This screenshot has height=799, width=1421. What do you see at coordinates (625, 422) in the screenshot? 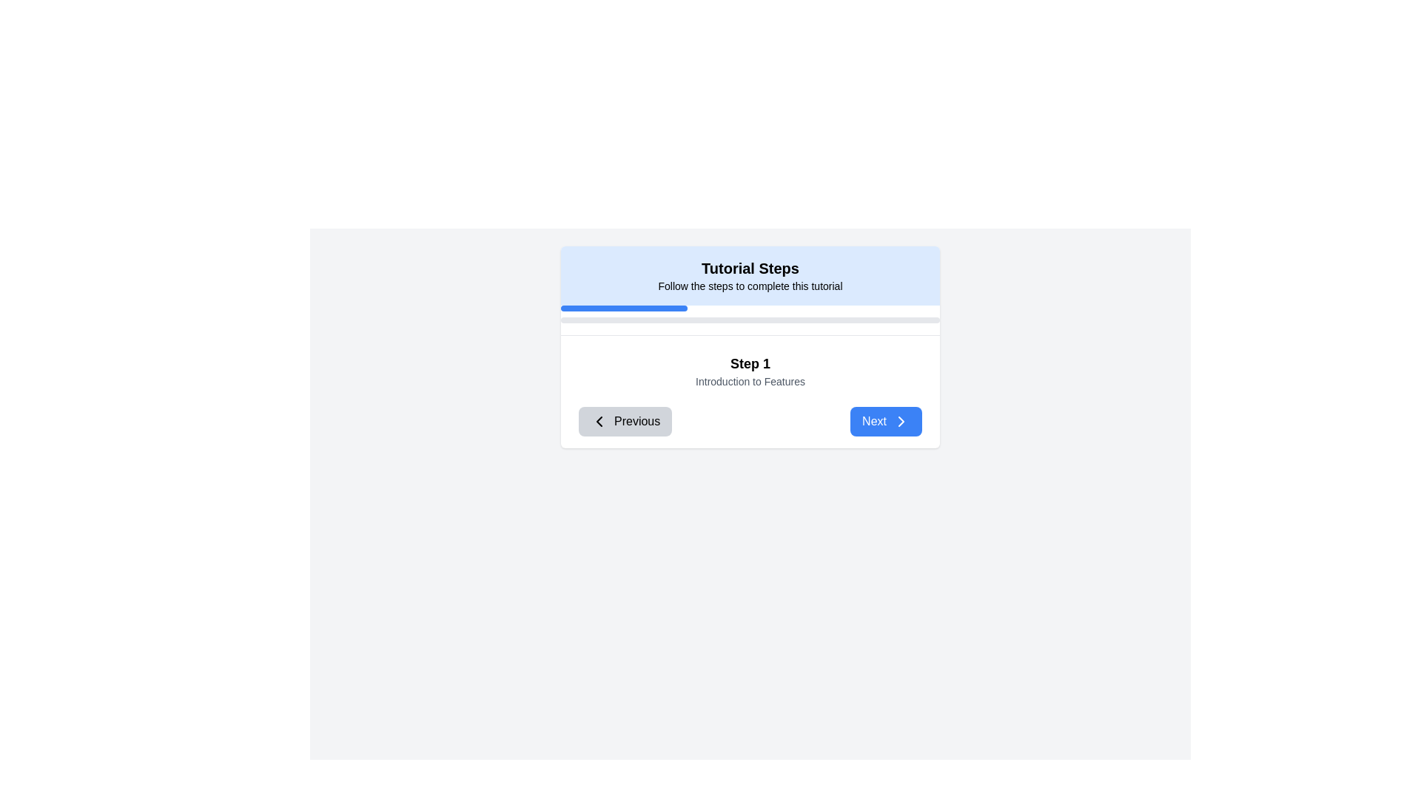
I see `the 'Previous' button, which has a gray background and a left-chevron icon` at bounding box center [625, 422].